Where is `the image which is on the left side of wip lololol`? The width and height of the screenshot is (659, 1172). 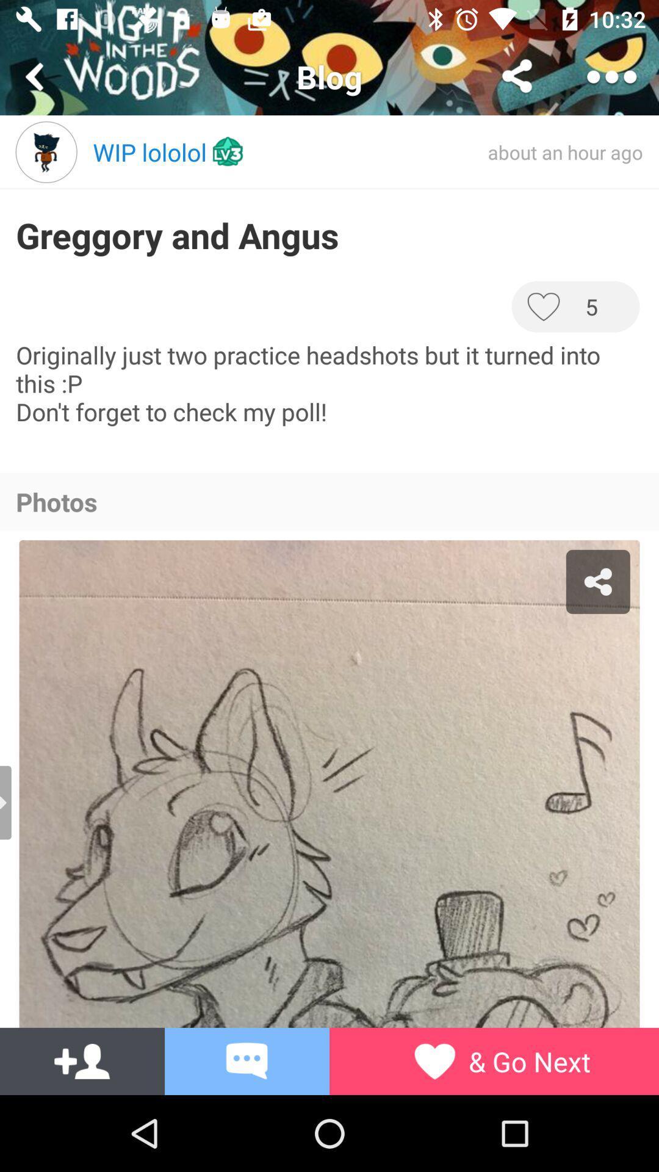
the image which is on the left side of wip lololol is located at coordinates (46, 151).